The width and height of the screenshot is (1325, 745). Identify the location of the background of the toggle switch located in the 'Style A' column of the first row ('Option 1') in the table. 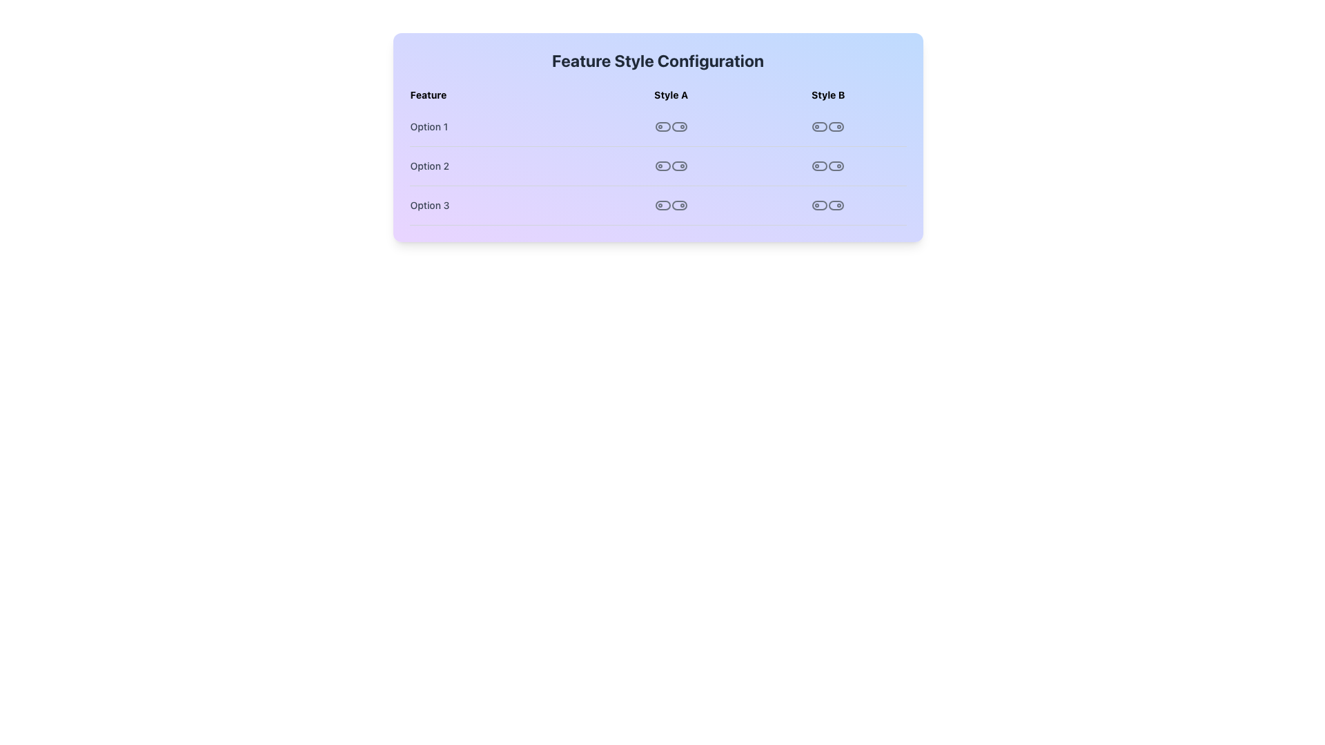
(662, 127).